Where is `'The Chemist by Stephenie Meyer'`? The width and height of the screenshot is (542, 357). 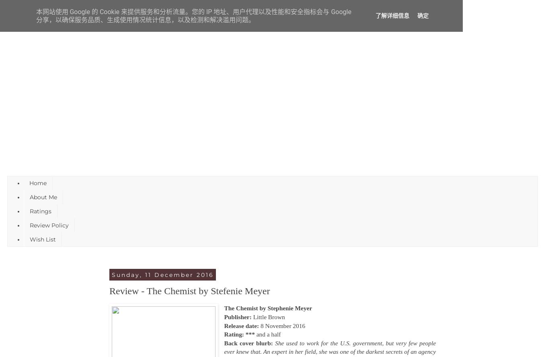 'The Chemist by Stephenie Meyer' is located at coordinates (268, 307).